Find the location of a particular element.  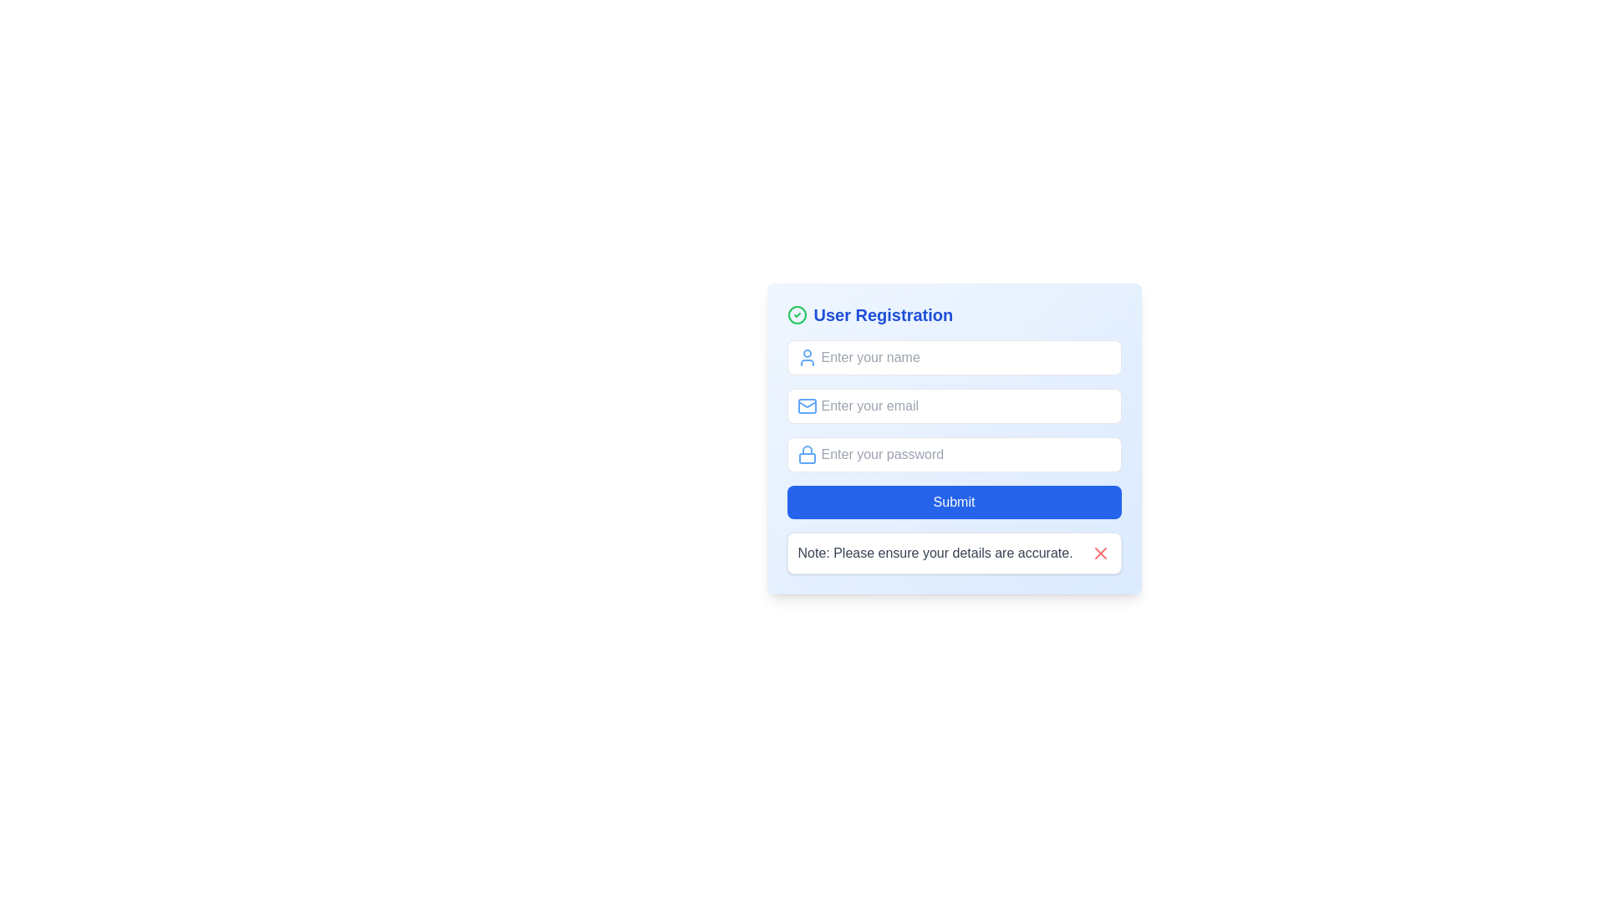

the lock icon with a blue outline and a white background located inside the password entry field adjacent to the placeholder text 'Enter your password.' is located at coordinates (807, 454).